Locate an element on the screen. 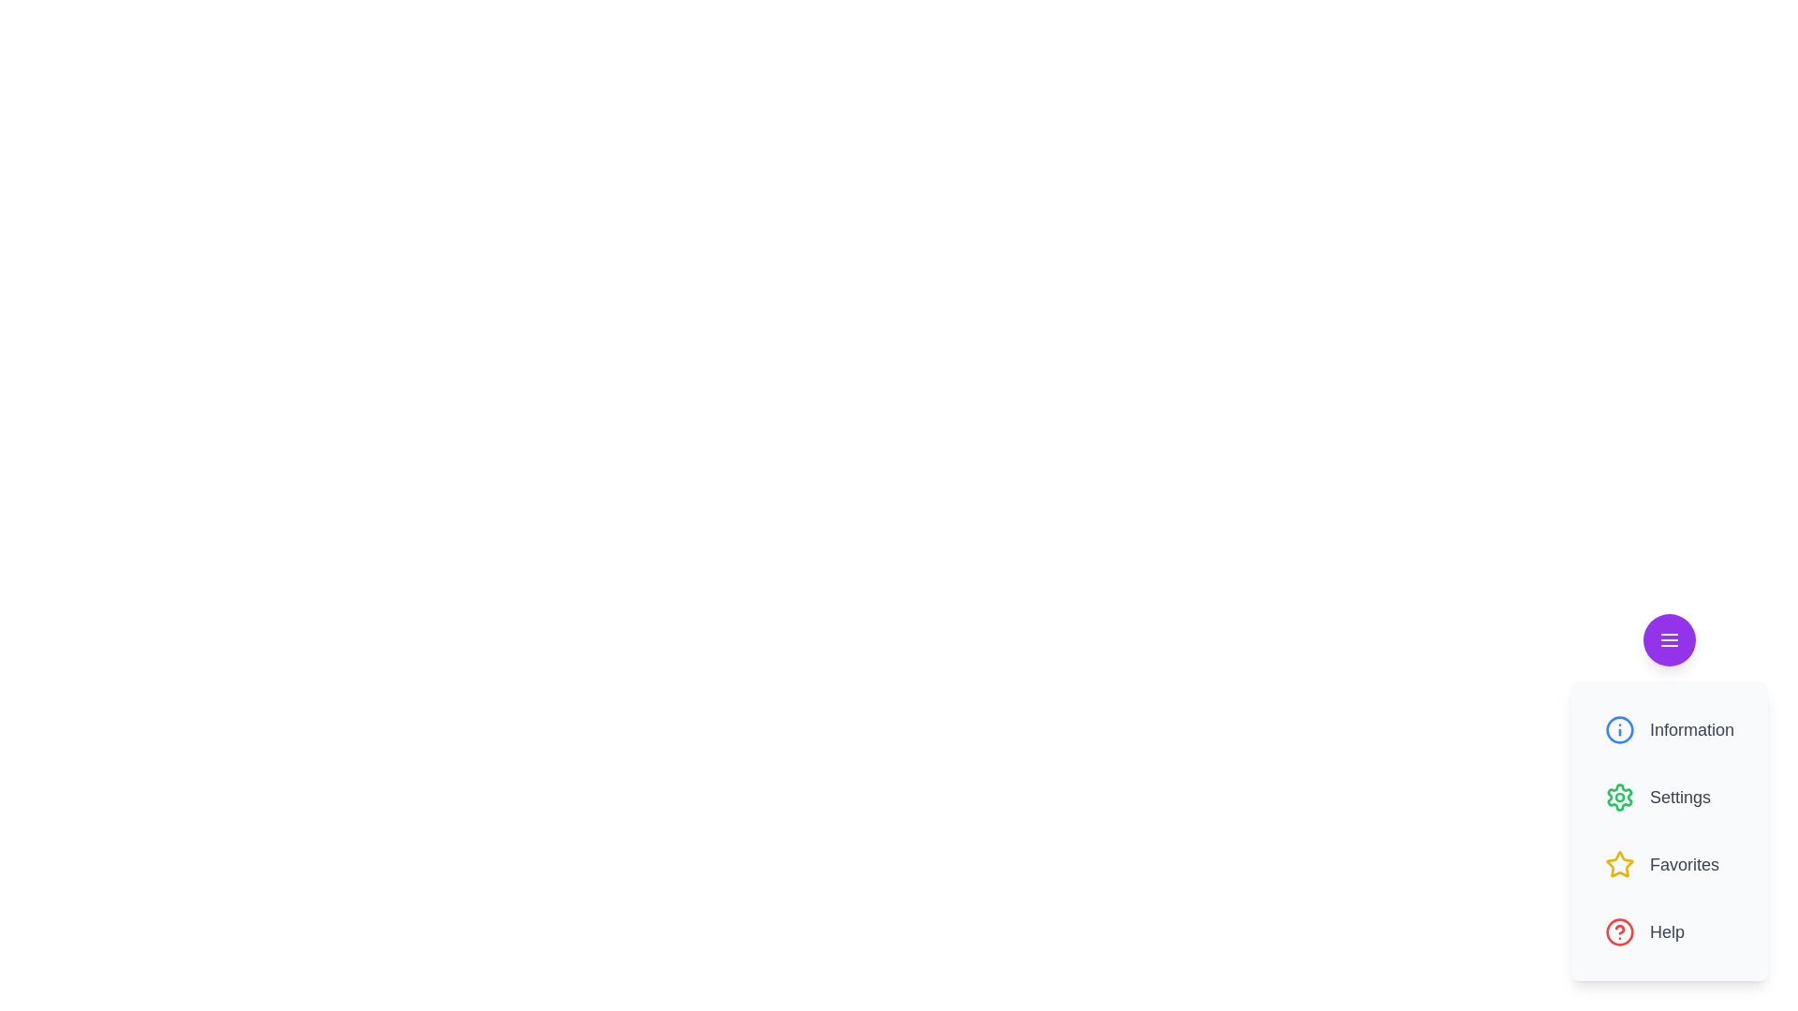 This screenshot has height=1011, width=1798. the Settings button in the menu is located at coordinates (1669, 798).